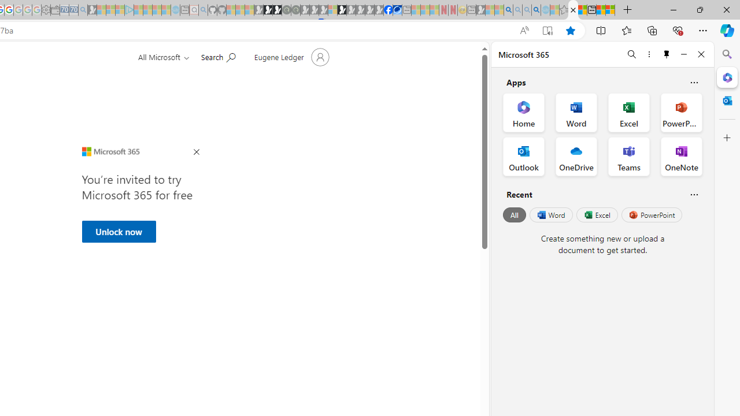 The width and height of the screenshot is (740, 416). I want to click on 'Bing AI - Search', so click(508, 10).